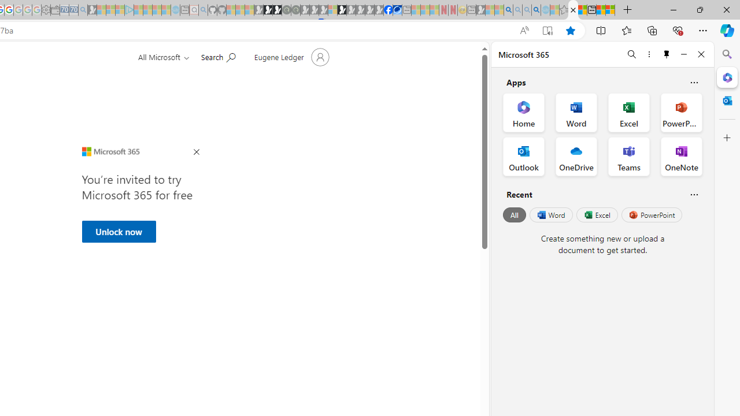 The width and height of the screenshot is (740, 416). I want to click on 'Bing AI - Search', so click(508, 10).